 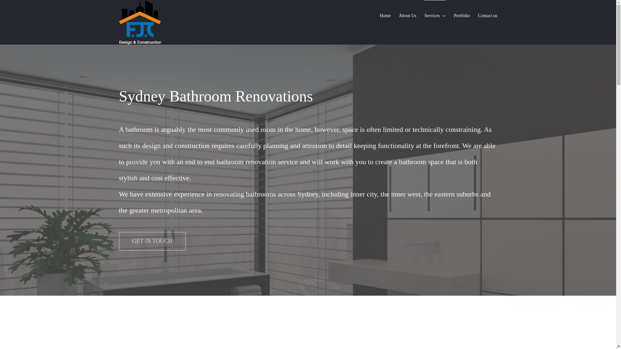 I want to click on 'GET IN TOUCH', so click(x=152, y=241).